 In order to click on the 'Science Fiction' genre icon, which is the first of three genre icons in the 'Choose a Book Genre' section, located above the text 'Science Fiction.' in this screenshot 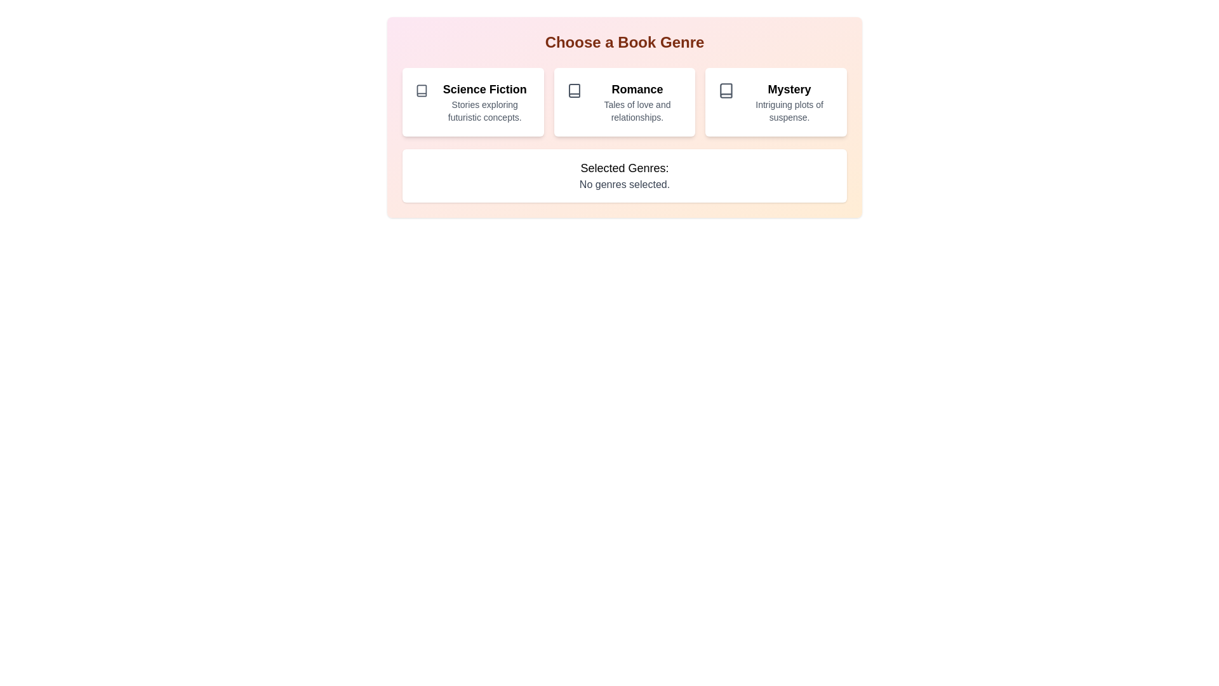, I will do `click(422, 90)`.